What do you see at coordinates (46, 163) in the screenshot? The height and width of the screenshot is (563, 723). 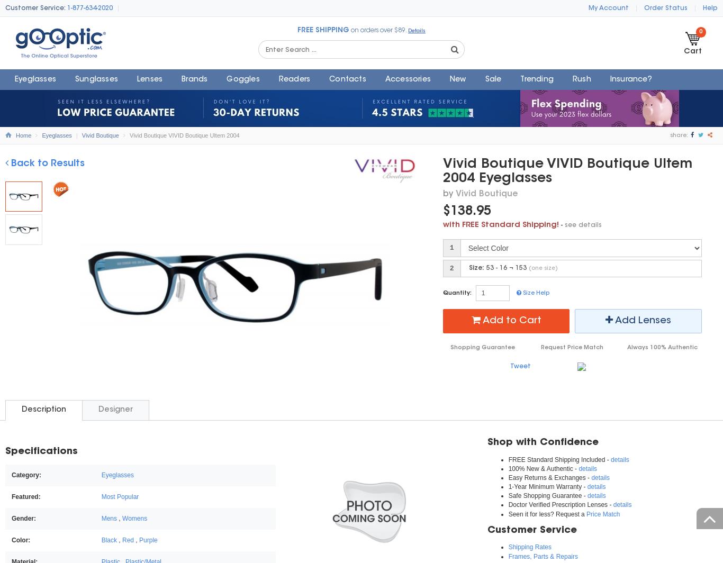 I see `'Back to Results'` at bounding box center [46, 163].